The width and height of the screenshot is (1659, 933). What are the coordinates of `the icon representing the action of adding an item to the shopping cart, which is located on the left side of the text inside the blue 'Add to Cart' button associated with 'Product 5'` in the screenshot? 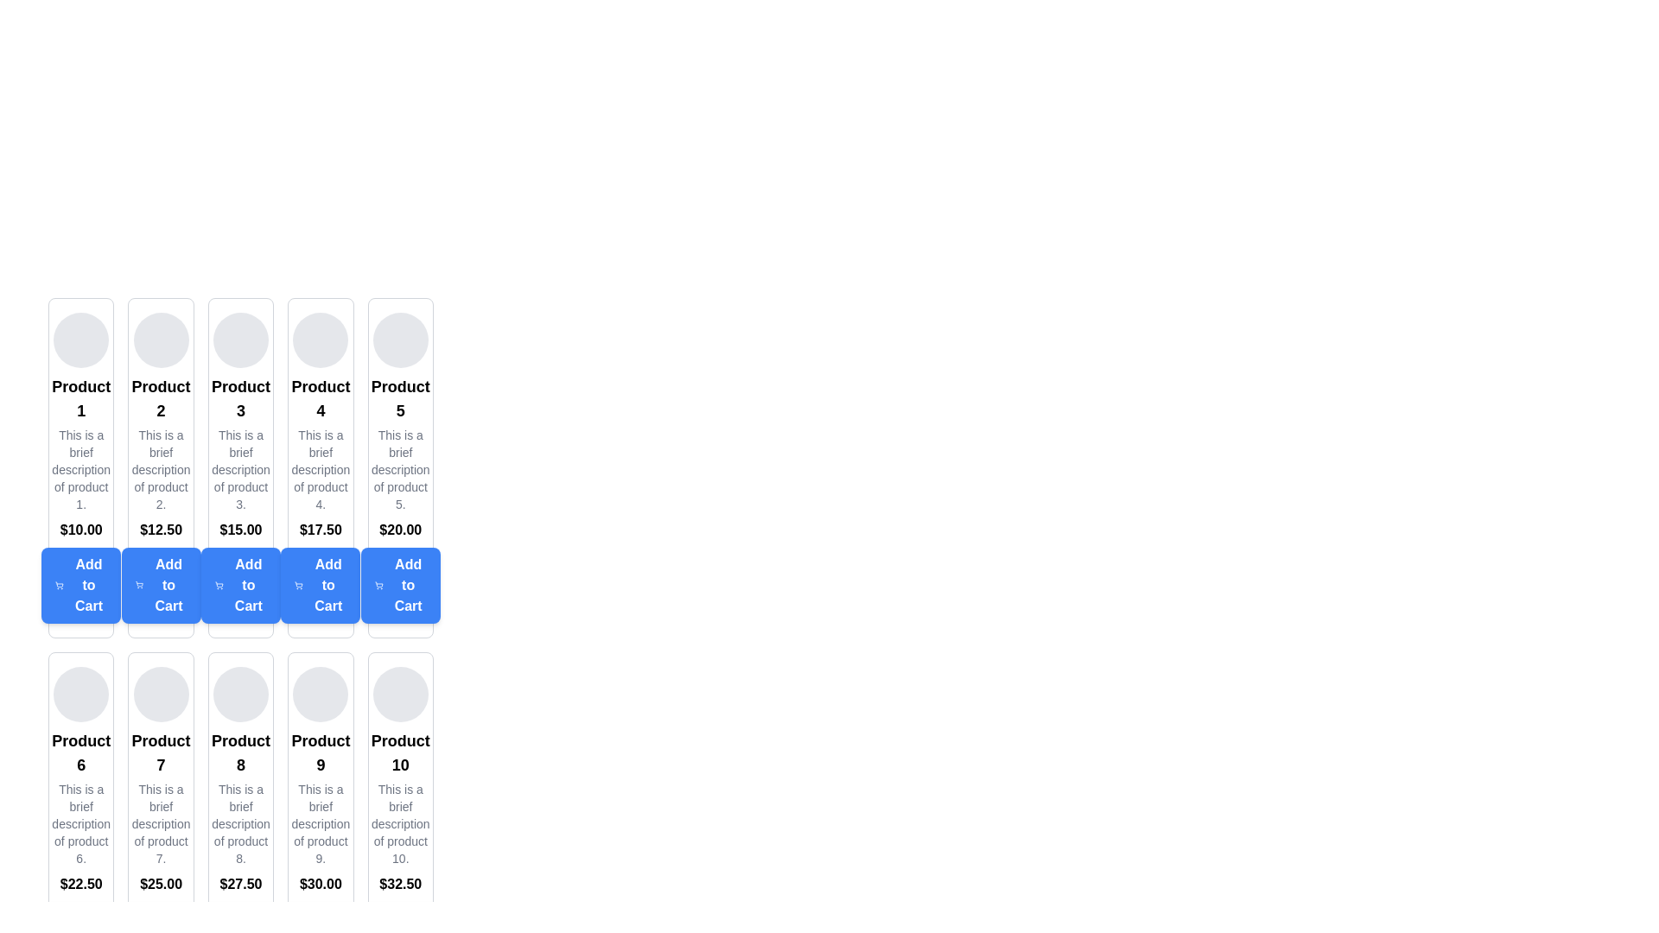 It's located at (378, 585).